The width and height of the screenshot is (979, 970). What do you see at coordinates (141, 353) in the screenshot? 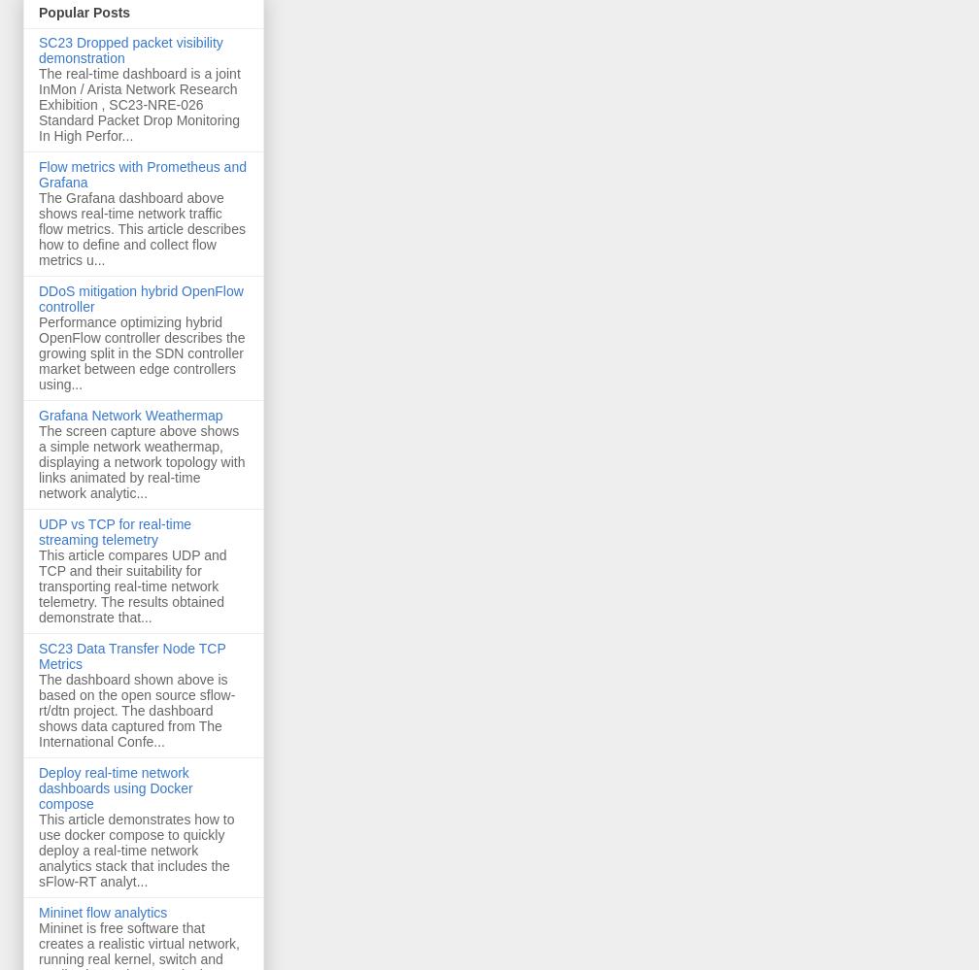
I see `'Performance optimizing hybrid OpenFlow controller  describes the growing split in the SDN controller market between edge controllers using...'` at bounding box center [141, 353].